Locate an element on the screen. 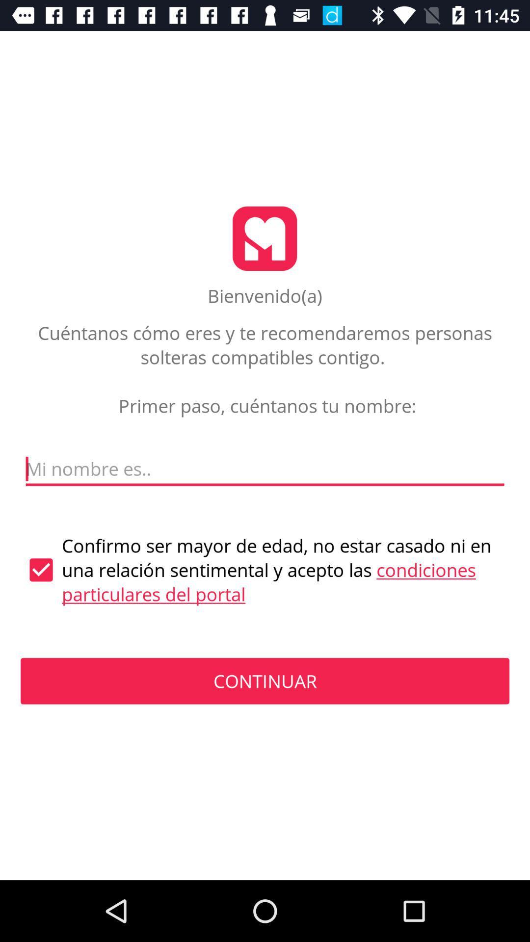  the continuar item is located at coordinates (265, 680).